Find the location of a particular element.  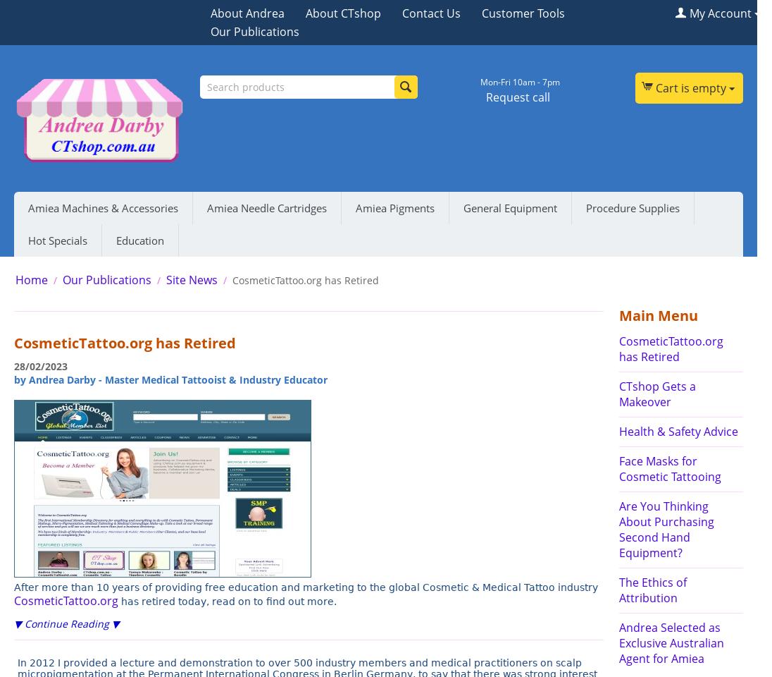

'CosmeticTattoo.org' is located at coordinates (66, 599).